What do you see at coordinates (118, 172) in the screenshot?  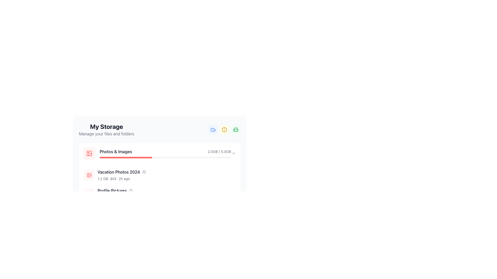 I see `the text label displaying 'Vacation Photos 2024' which is part of the 'Photos & Images' section in the file management interface` at bounding box center [118, 172].